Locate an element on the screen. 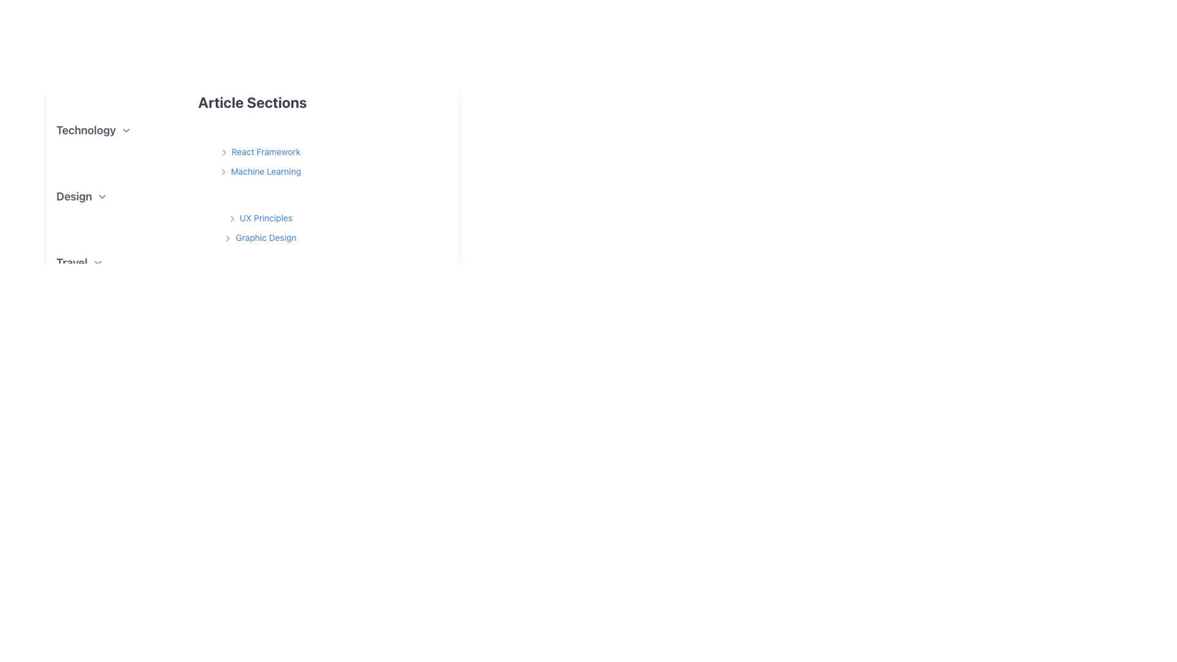 This screenshot has width=1177, height=662. the dropdown indicator icon associated with the 'Technology' category is located at coordinates (126, 130).